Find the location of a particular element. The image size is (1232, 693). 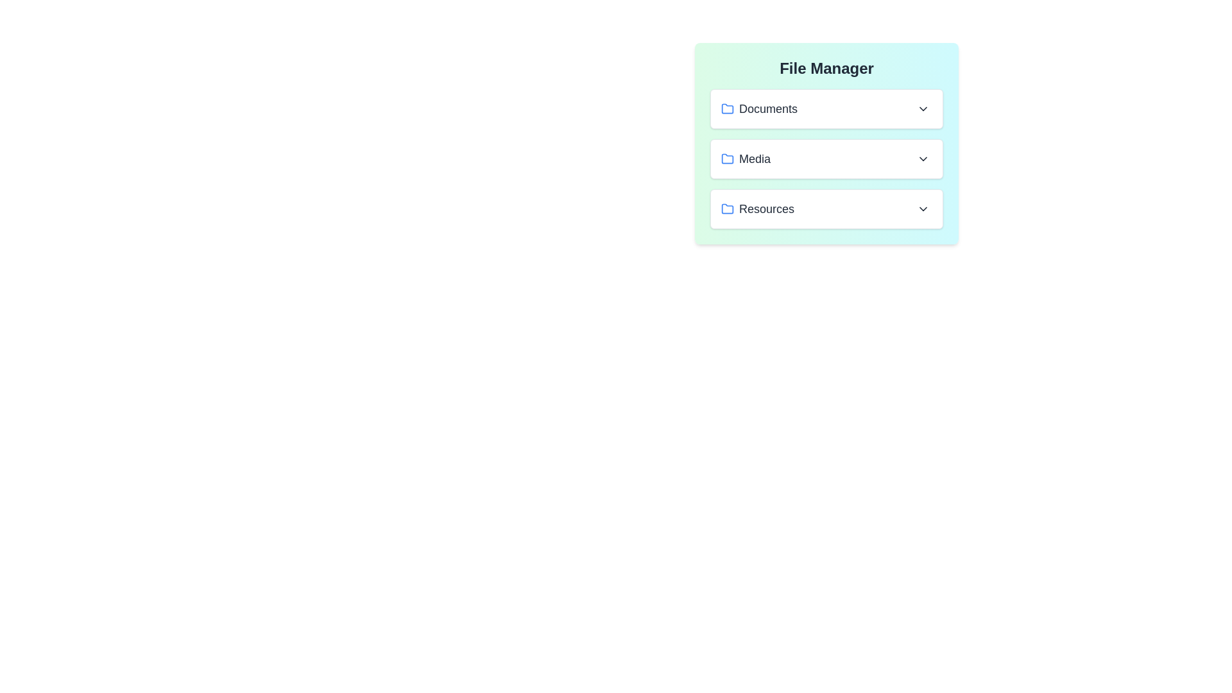

the file Resume.pdf from the folder Documents is located at coordinates (826, 108).